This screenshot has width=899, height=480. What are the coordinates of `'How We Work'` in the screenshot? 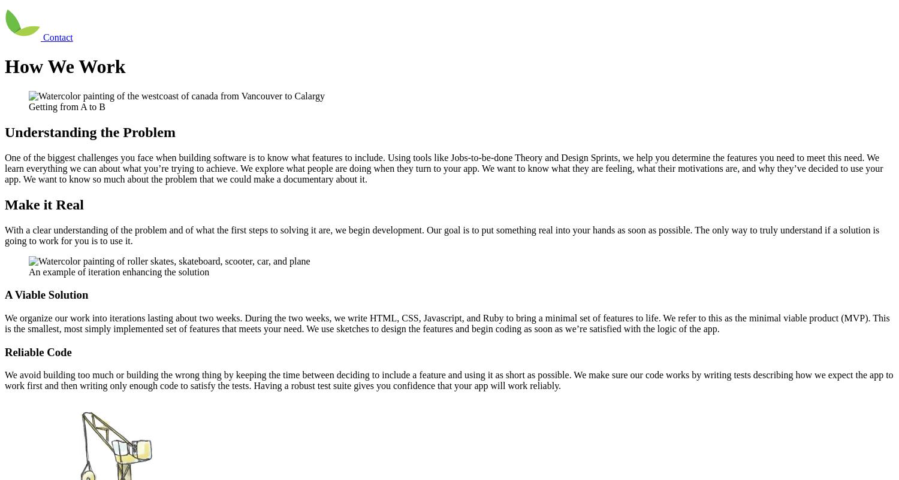 It's located at (64, 66).